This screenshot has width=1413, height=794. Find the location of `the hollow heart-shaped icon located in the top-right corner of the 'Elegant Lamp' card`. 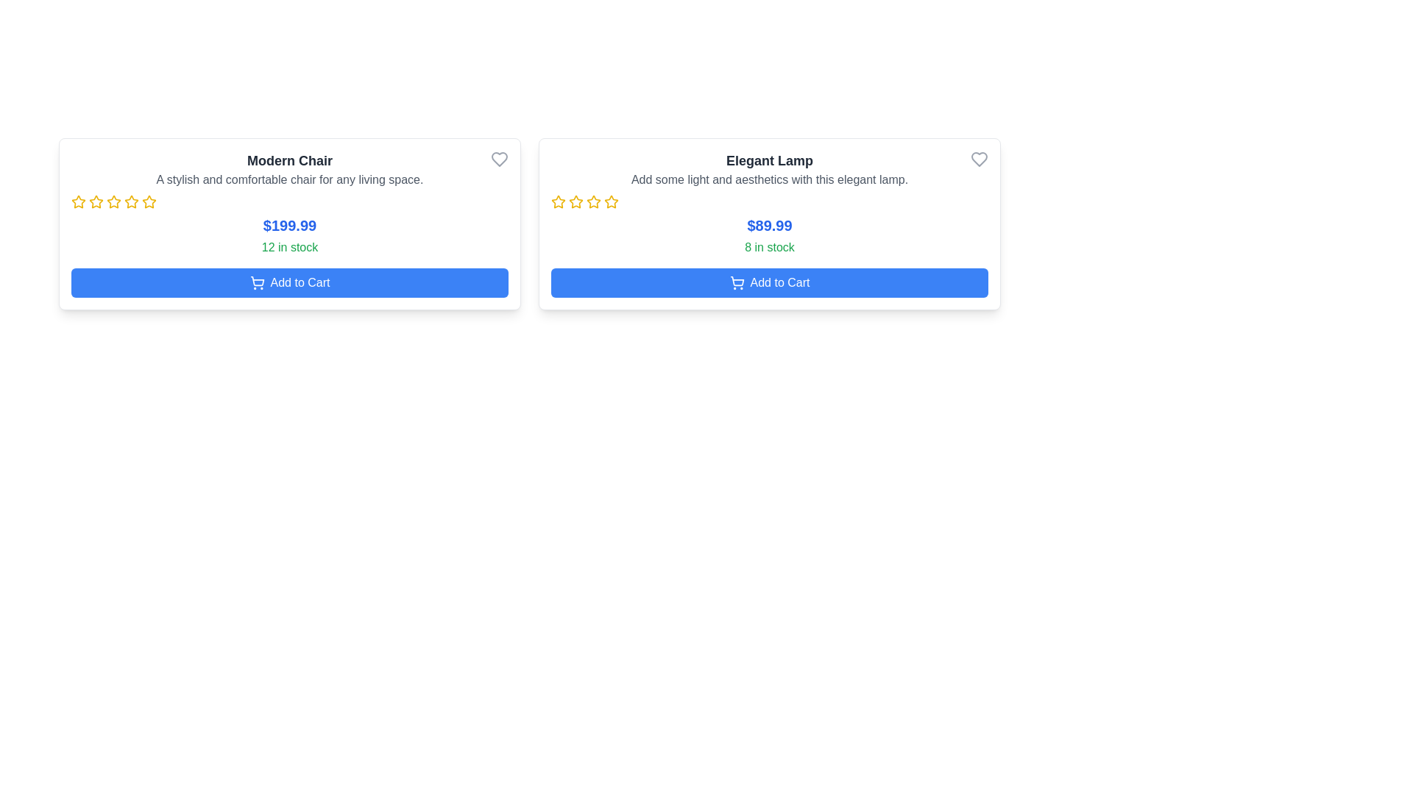

the hollow heart-shaped icon located in the top-right corner of the 'Elegant Lamp' card is located at coordinates (979, 159).